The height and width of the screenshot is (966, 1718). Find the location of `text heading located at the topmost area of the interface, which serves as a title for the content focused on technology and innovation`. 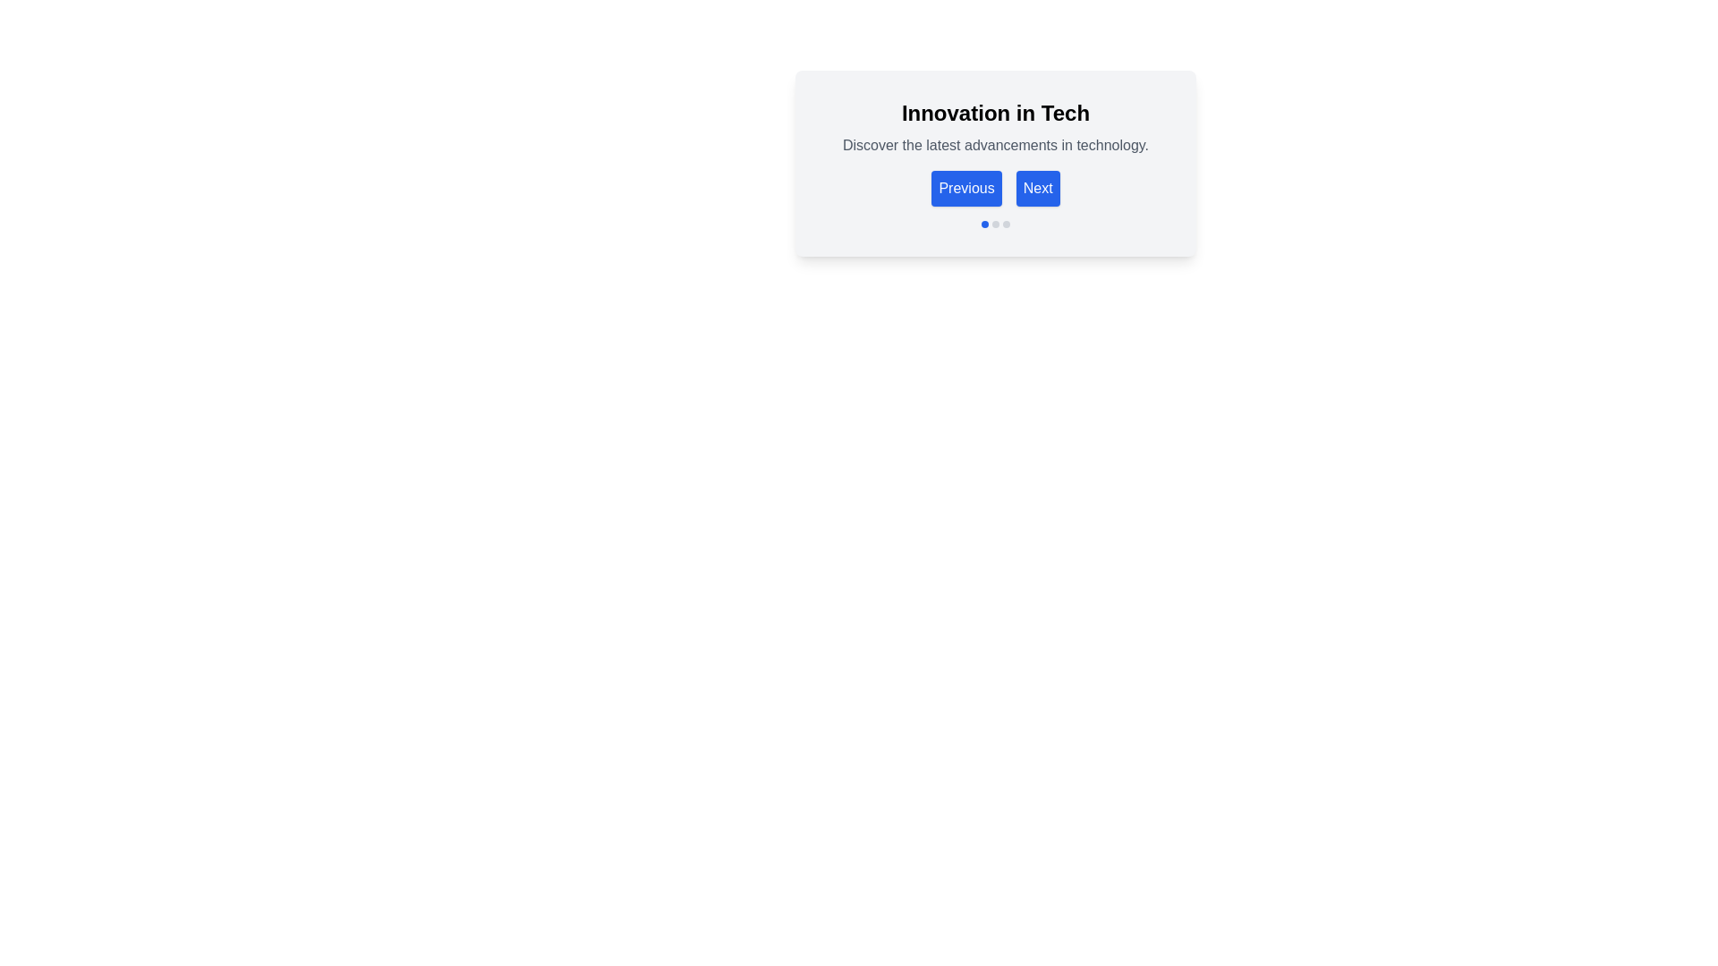

text heading located at the topmost area of the interface, which serves as a title for the content focused on technology and innovation is located at coordinates (995, 114).